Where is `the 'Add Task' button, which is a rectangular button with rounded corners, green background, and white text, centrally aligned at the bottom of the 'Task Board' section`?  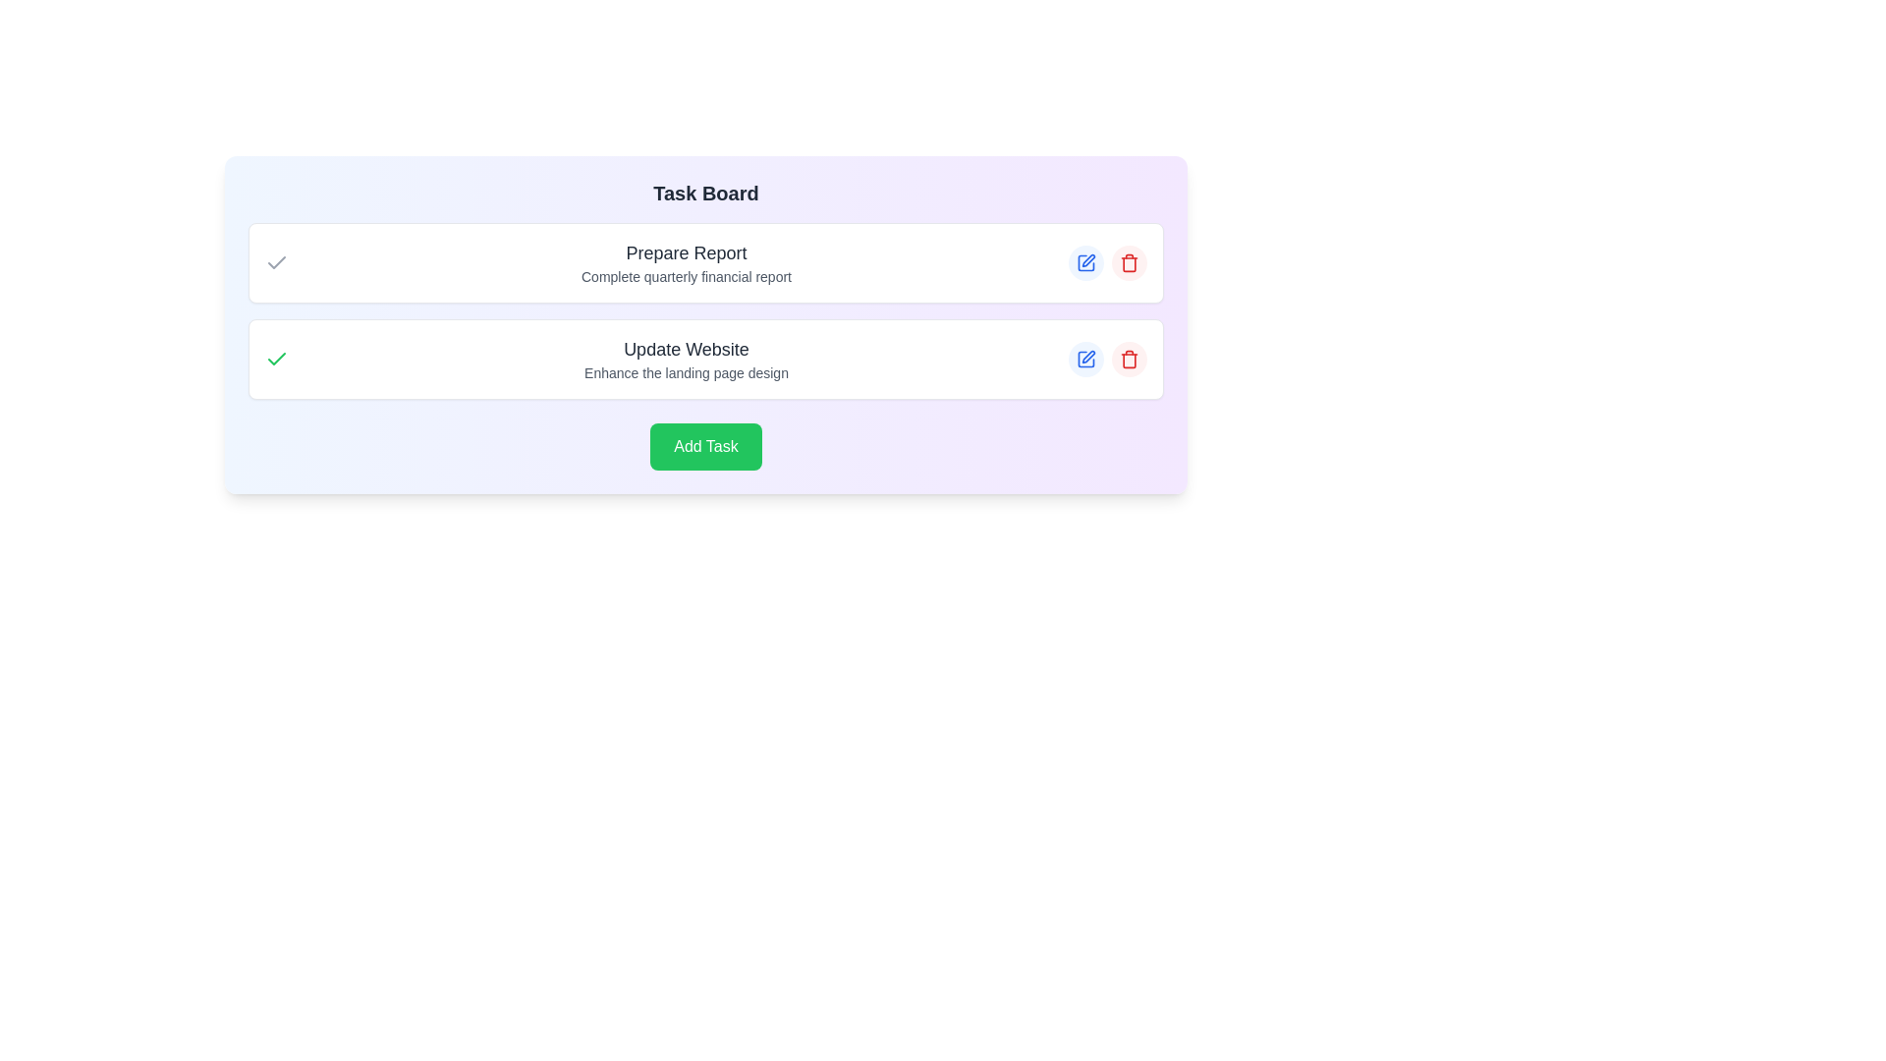
the 'Add Task' button, which is a rectangular button with rounded corners, green background, and white text, centrally aligned at the bottom of the 'Task Board' section is located at coordinates (706, 447).